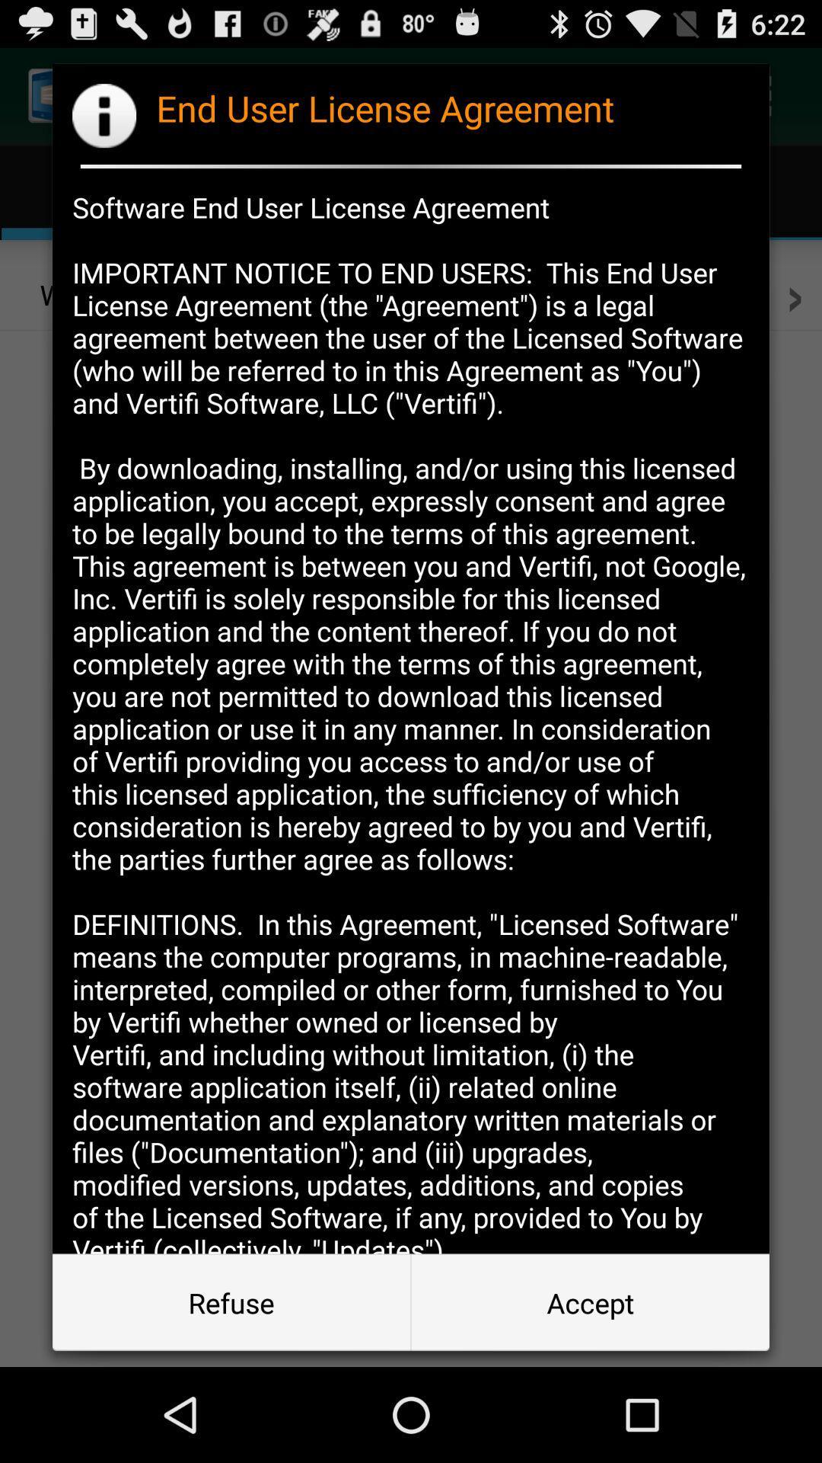 This screenshot has height=1463, width=822. What do you see at coordinates (231, 1301) in the screenshot?
I see `the item next to accept item` at bounding box center [231, 1301].